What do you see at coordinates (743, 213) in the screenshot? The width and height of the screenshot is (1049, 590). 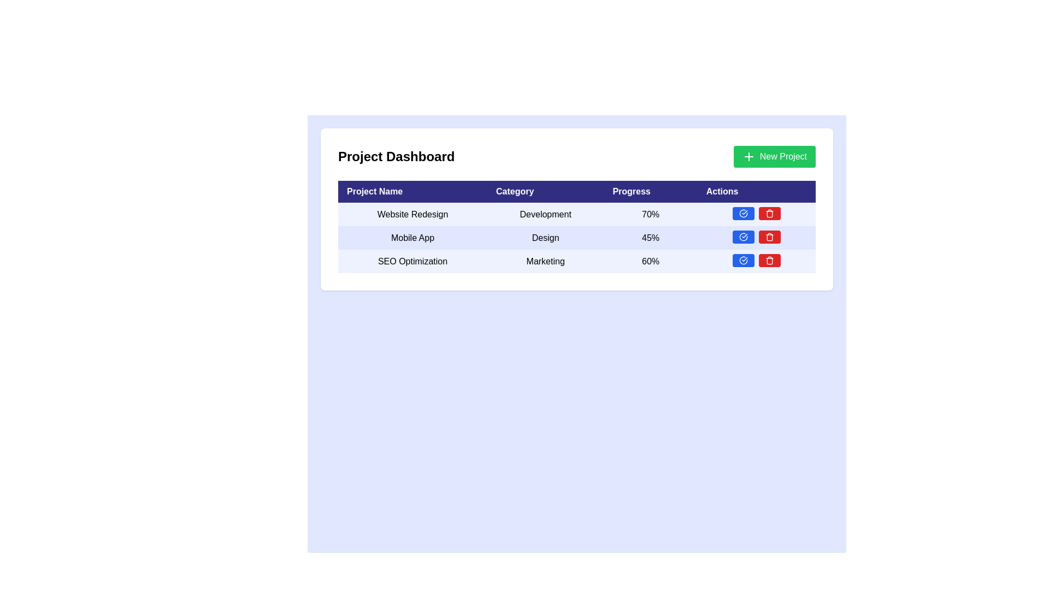 I see `the small blue button with a circular checkmark icon located in the 'Actions' column under the first row of the table, positioned to the left of the red delete button` at bounding box center [743, 213].